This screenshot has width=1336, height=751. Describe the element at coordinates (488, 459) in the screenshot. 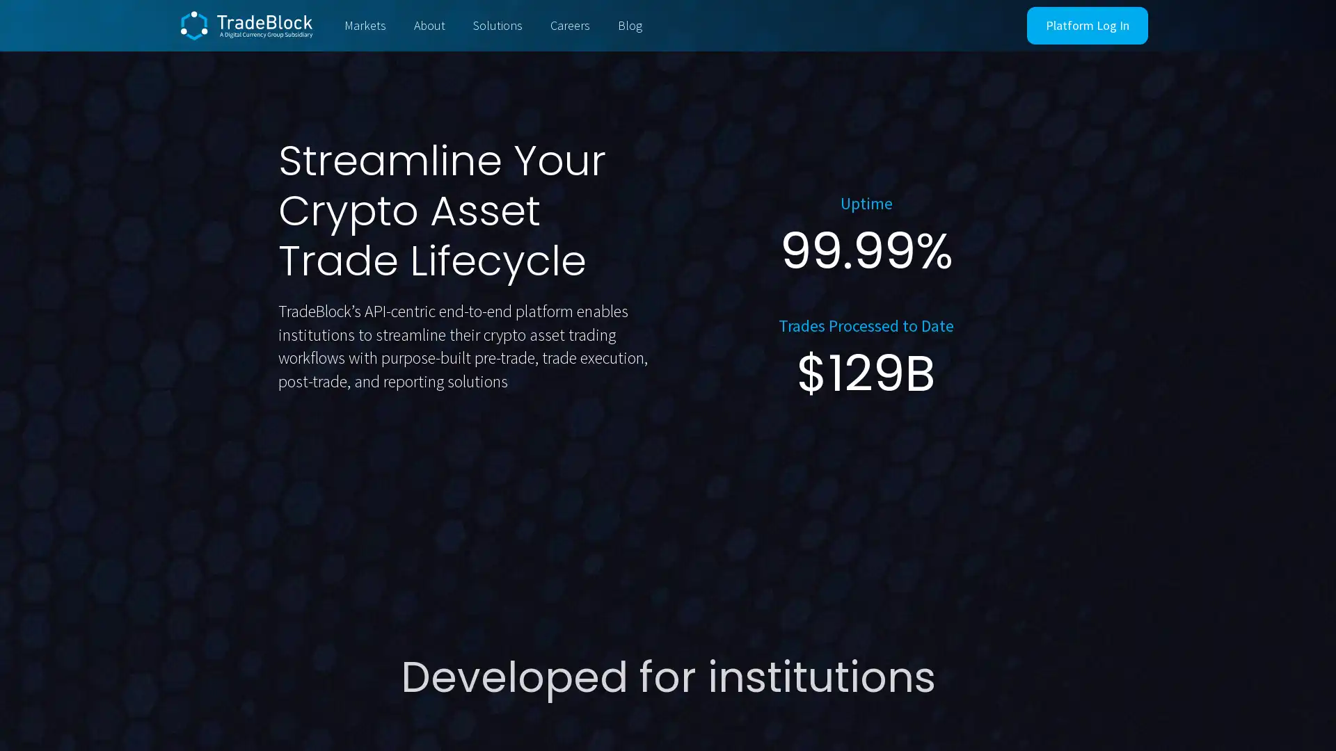

I see `Market Data` at that location.